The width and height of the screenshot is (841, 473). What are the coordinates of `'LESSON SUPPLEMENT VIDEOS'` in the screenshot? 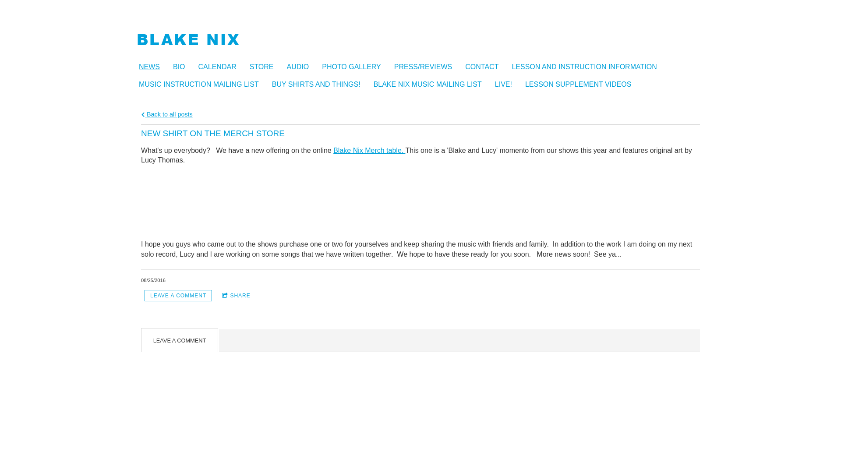 It's located at (582, 84).